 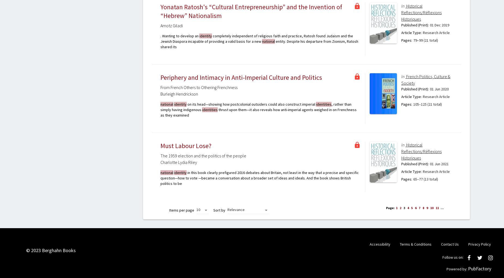 What do you see at coordinates (160, 107) in the screenshot?
I see `', rather than simply having indigenous'` at bounding box center [160, 107].